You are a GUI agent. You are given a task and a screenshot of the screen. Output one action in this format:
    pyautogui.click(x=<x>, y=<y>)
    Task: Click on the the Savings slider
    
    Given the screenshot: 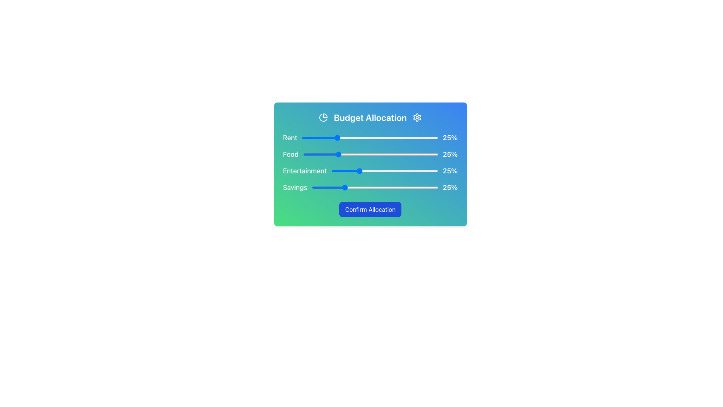 What is the action you would take?
    pyautogui.click(x=334, y=187)
    